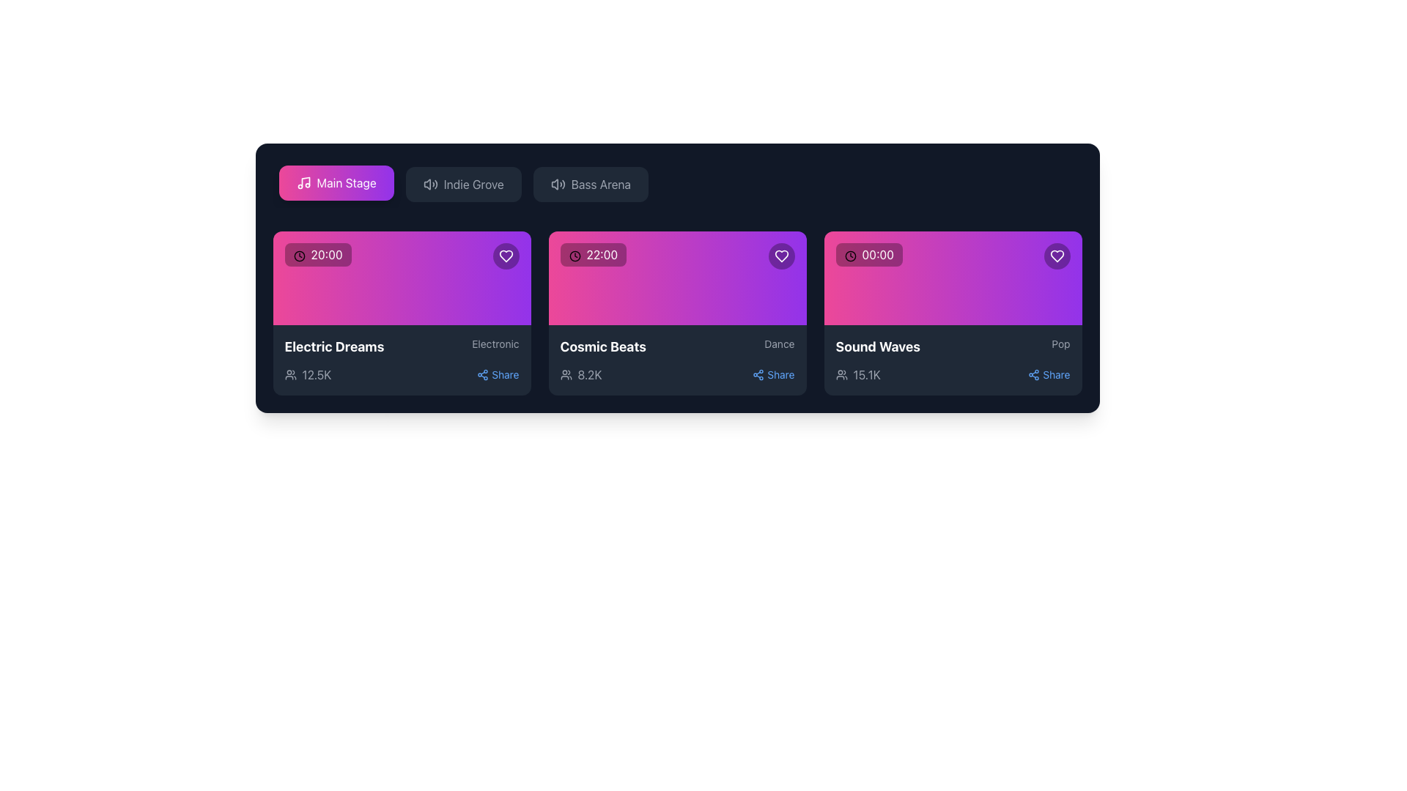 The width and height of the screenshot is (1407, 791). What do you see at coordinates (878, 347) in the screenshot?
I see `the 'Sound Waves' text label, which is styled with a bold font and white color, located on a dark background within a card structure on the rightmost end of the layout` at bounding box center [878, 347].